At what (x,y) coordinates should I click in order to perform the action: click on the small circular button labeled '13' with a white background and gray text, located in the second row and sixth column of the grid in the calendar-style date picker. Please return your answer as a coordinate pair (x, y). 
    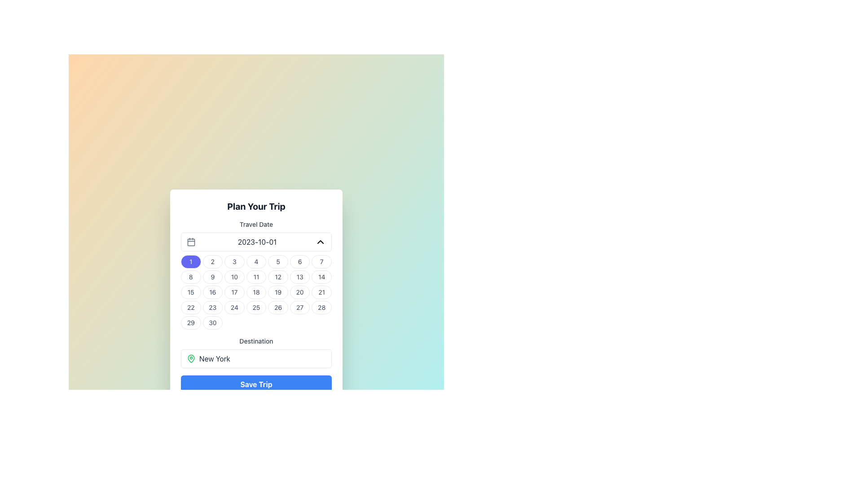
    Looking at the image, I should click on (300, 277).